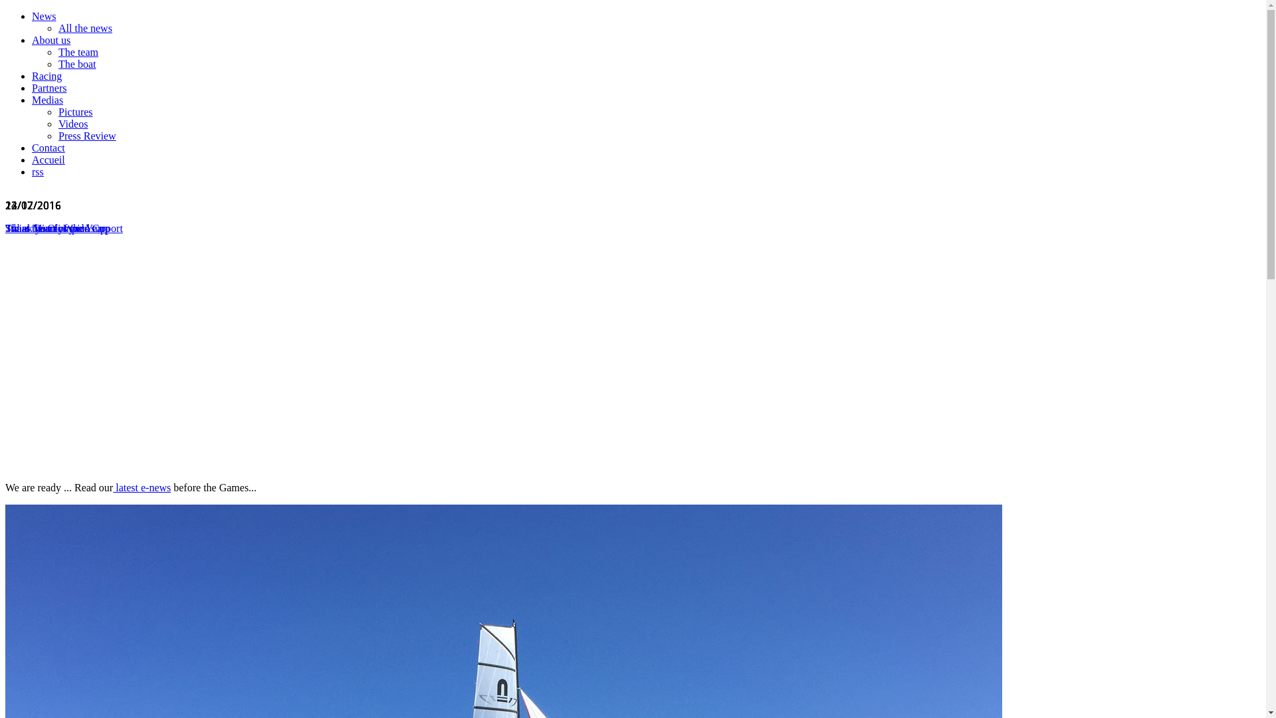 Image resolution: width=1276 pixels, height=718 pixels. Describe the element at coordinates (5, 227) in the screenshot. I see `'Swiss Team of the Year'` at that location.